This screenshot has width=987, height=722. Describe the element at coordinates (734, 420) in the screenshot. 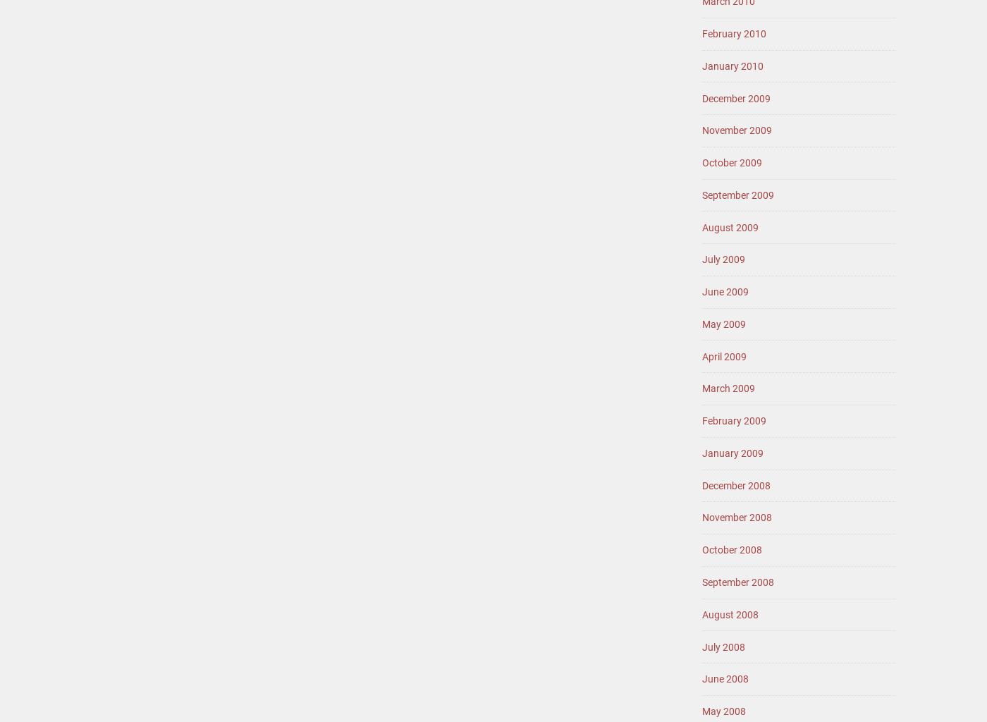

I see `'February 2009'` at that location.